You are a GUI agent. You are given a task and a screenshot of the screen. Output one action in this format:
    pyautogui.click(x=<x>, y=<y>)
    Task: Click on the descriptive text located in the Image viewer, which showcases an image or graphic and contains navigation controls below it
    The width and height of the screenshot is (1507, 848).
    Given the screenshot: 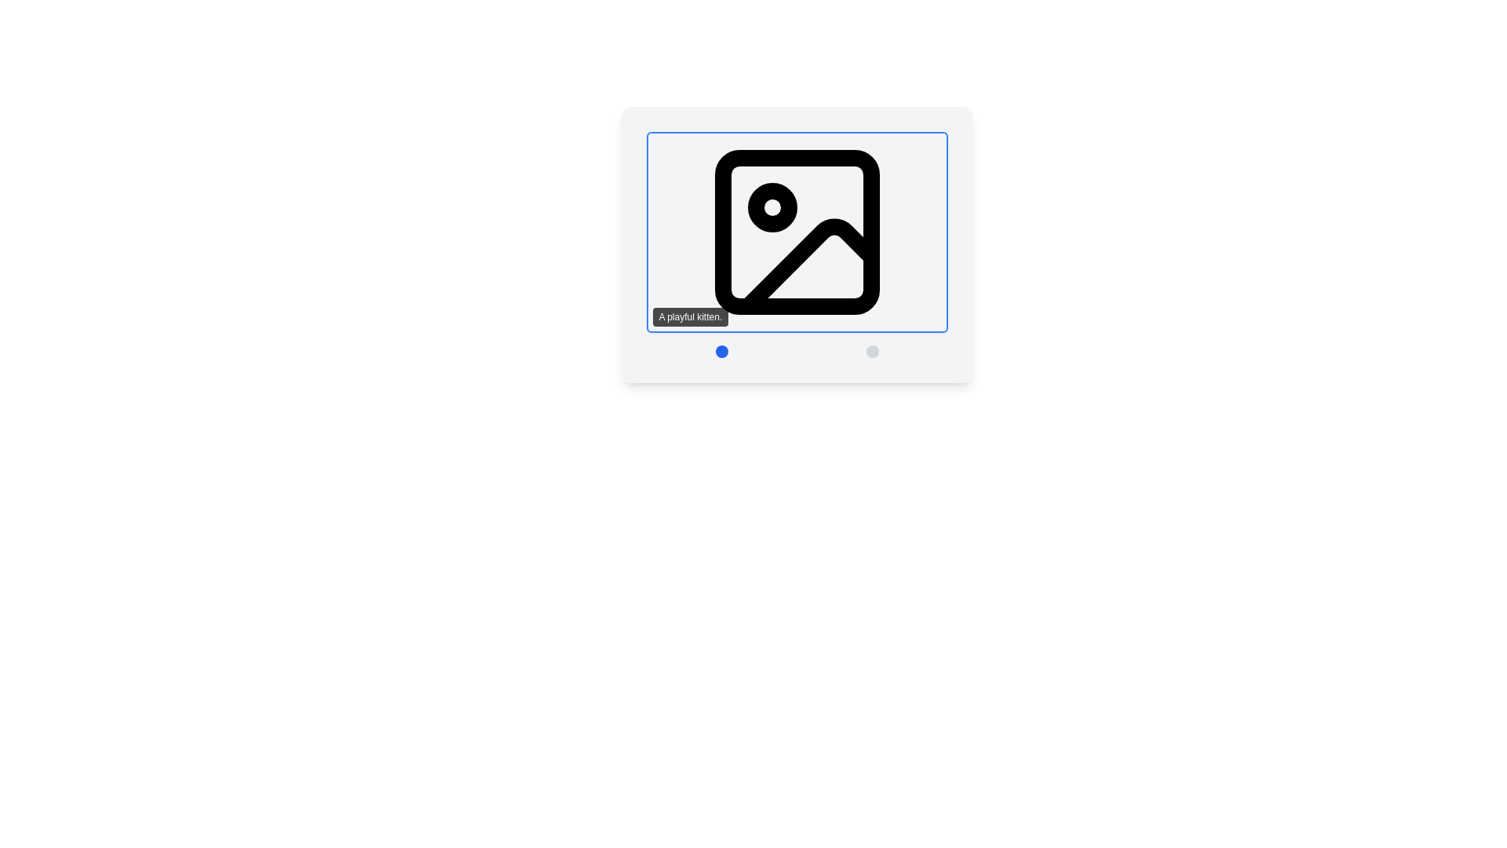 What is the action you would take?
    pyautogui.click(x=797, y=245)
    